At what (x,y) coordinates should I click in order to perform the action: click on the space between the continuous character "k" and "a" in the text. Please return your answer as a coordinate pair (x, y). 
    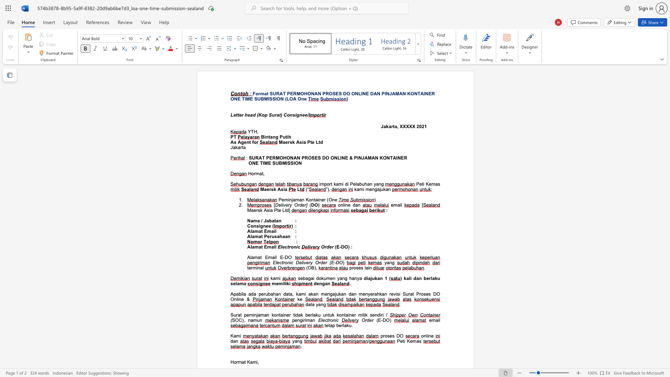
    Looking at the image, I should click on (388, 126).